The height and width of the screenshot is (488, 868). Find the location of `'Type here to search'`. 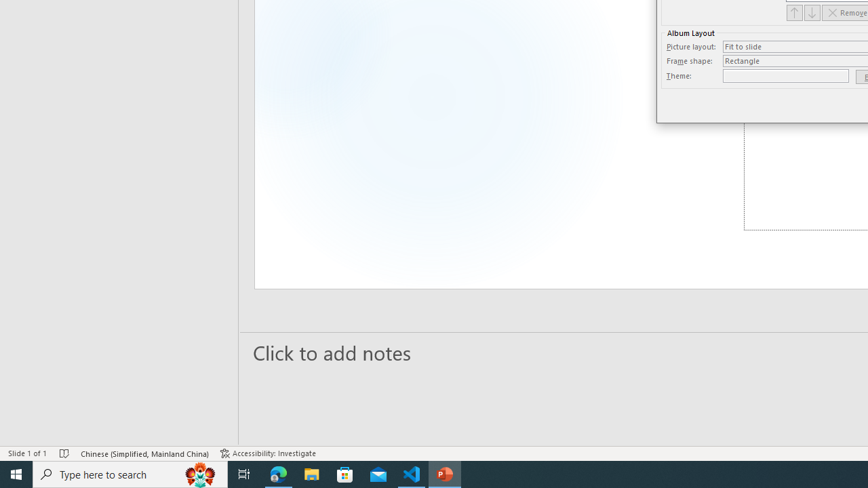

'Type here to search' is located at coordinates (130, 473).